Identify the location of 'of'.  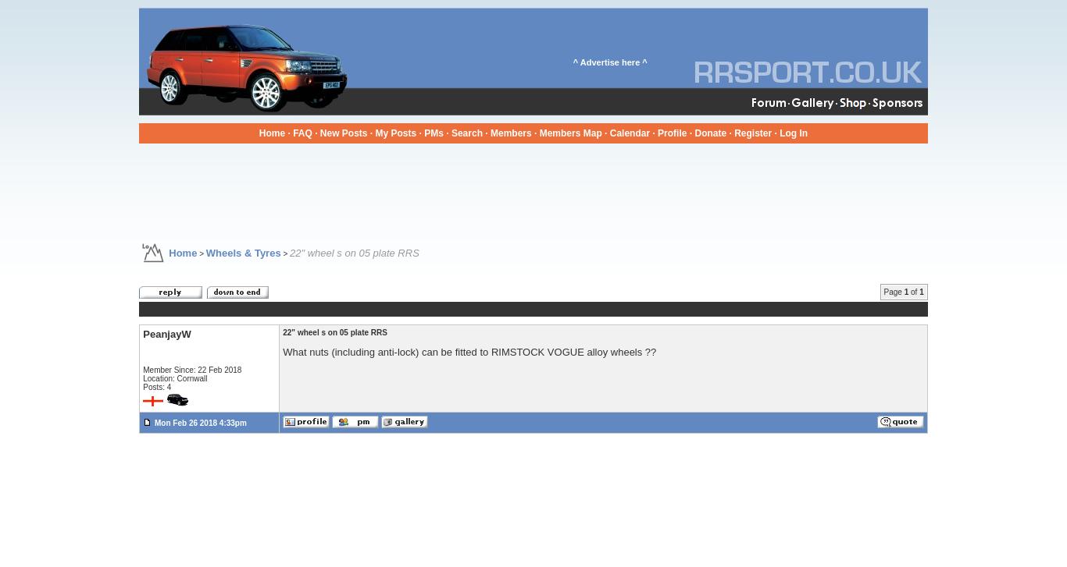
(913, 291).